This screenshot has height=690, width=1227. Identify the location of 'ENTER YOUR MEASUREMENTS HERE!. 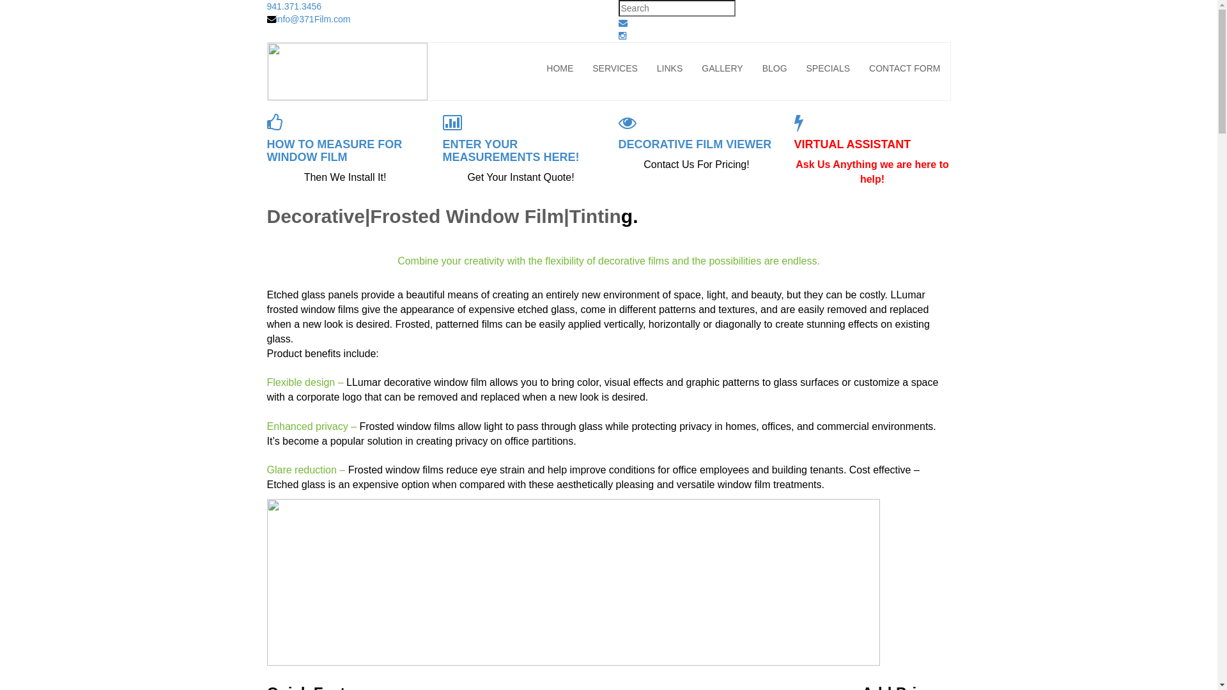
(520, 148).